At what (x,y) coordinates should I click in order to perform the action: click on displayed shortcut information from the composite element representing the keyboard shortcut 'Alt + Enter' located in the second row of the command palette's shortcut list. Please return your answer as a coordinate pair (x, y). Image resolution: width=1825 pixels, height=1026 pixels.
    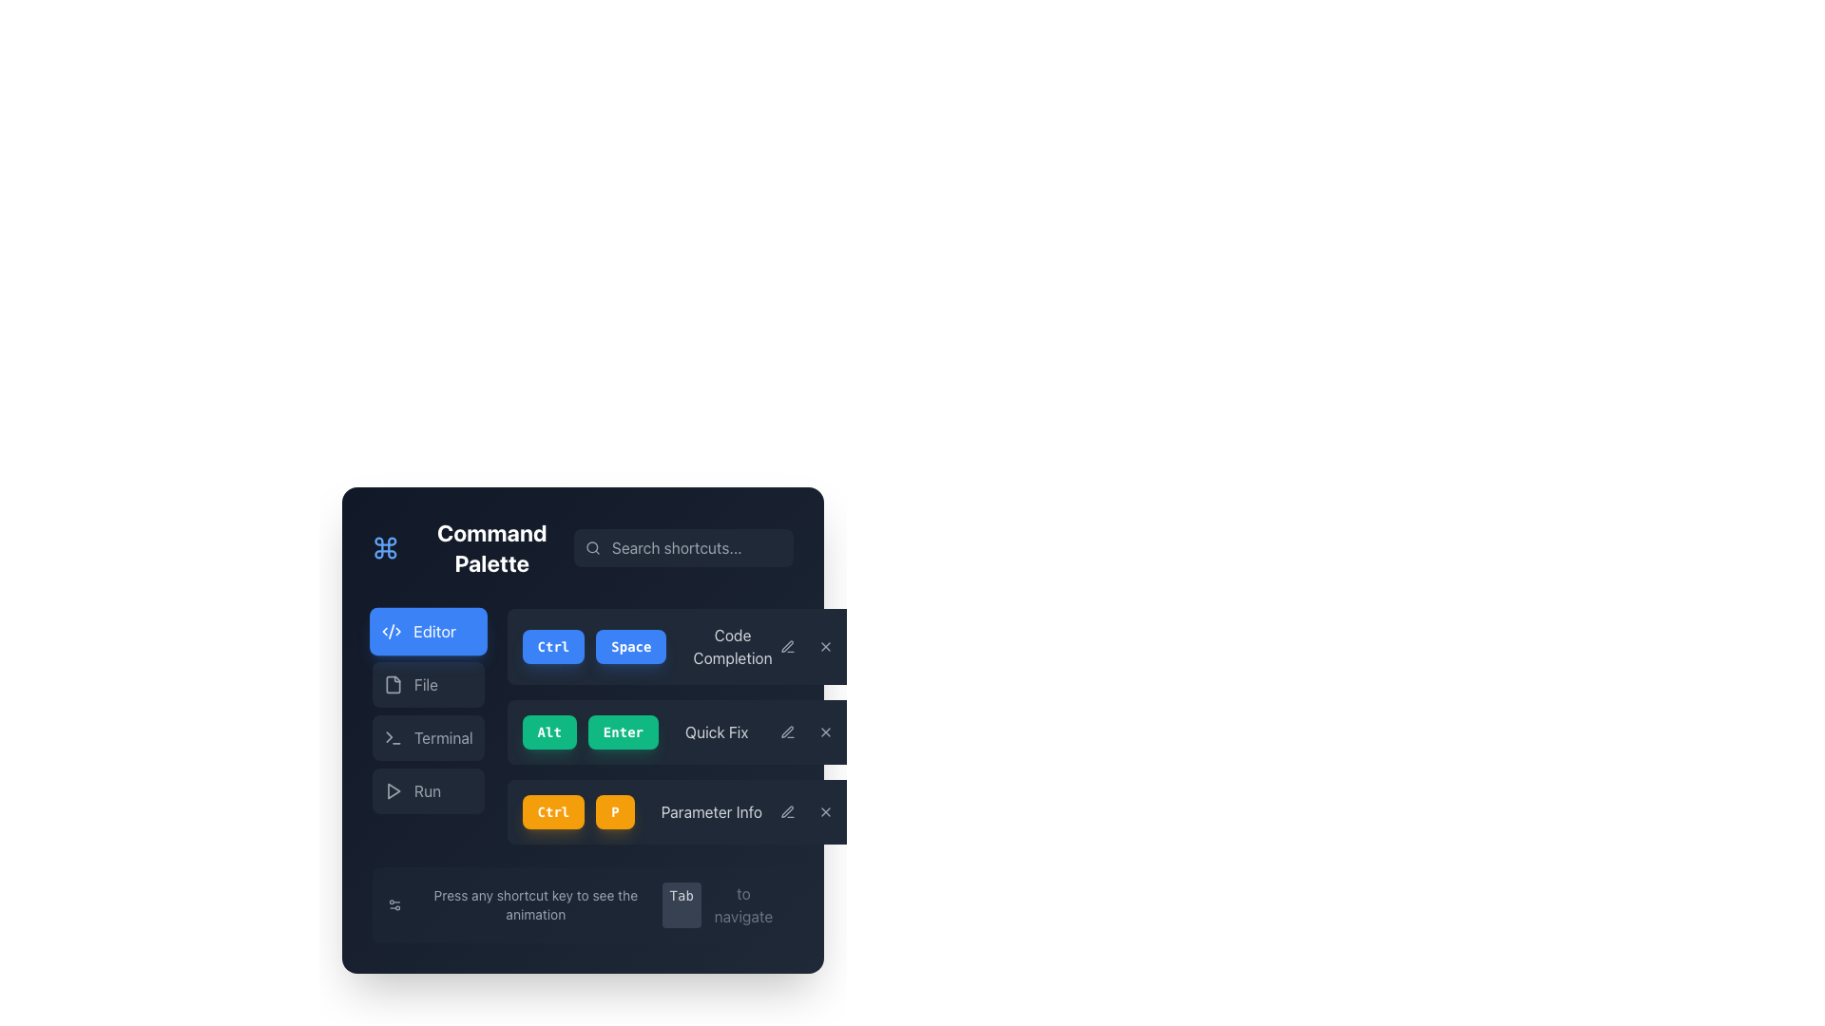
    Looking at the image, I should click on (635, 731).